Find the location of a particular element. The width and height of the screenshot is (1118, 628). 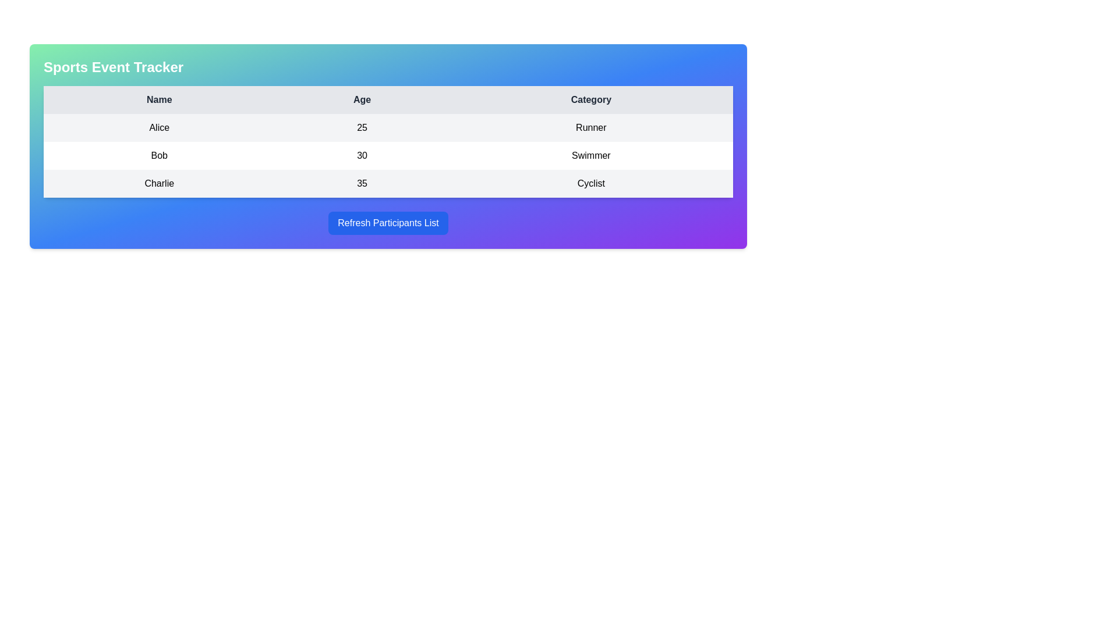

the refresh button located below the participant information table to observe hover effects is located at coordinates (388, 223).